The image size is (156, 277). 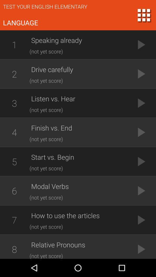 I want to click on icon below 4 item, so click(x=14, y=161).